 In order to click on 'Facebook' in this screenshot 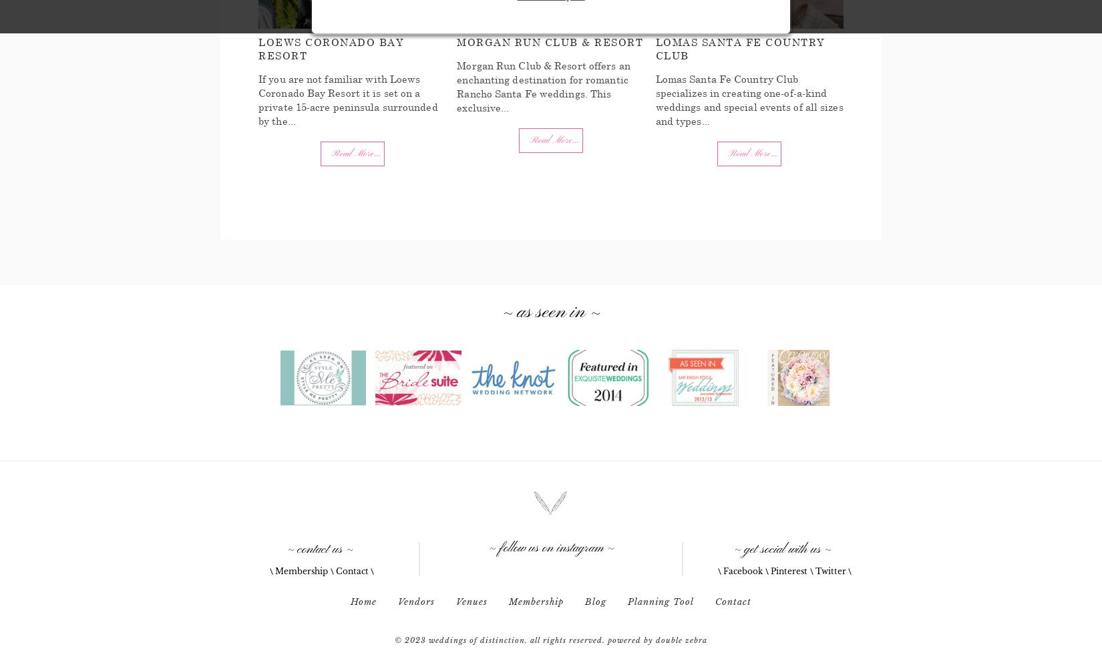, I will do `click(743, 571)`.